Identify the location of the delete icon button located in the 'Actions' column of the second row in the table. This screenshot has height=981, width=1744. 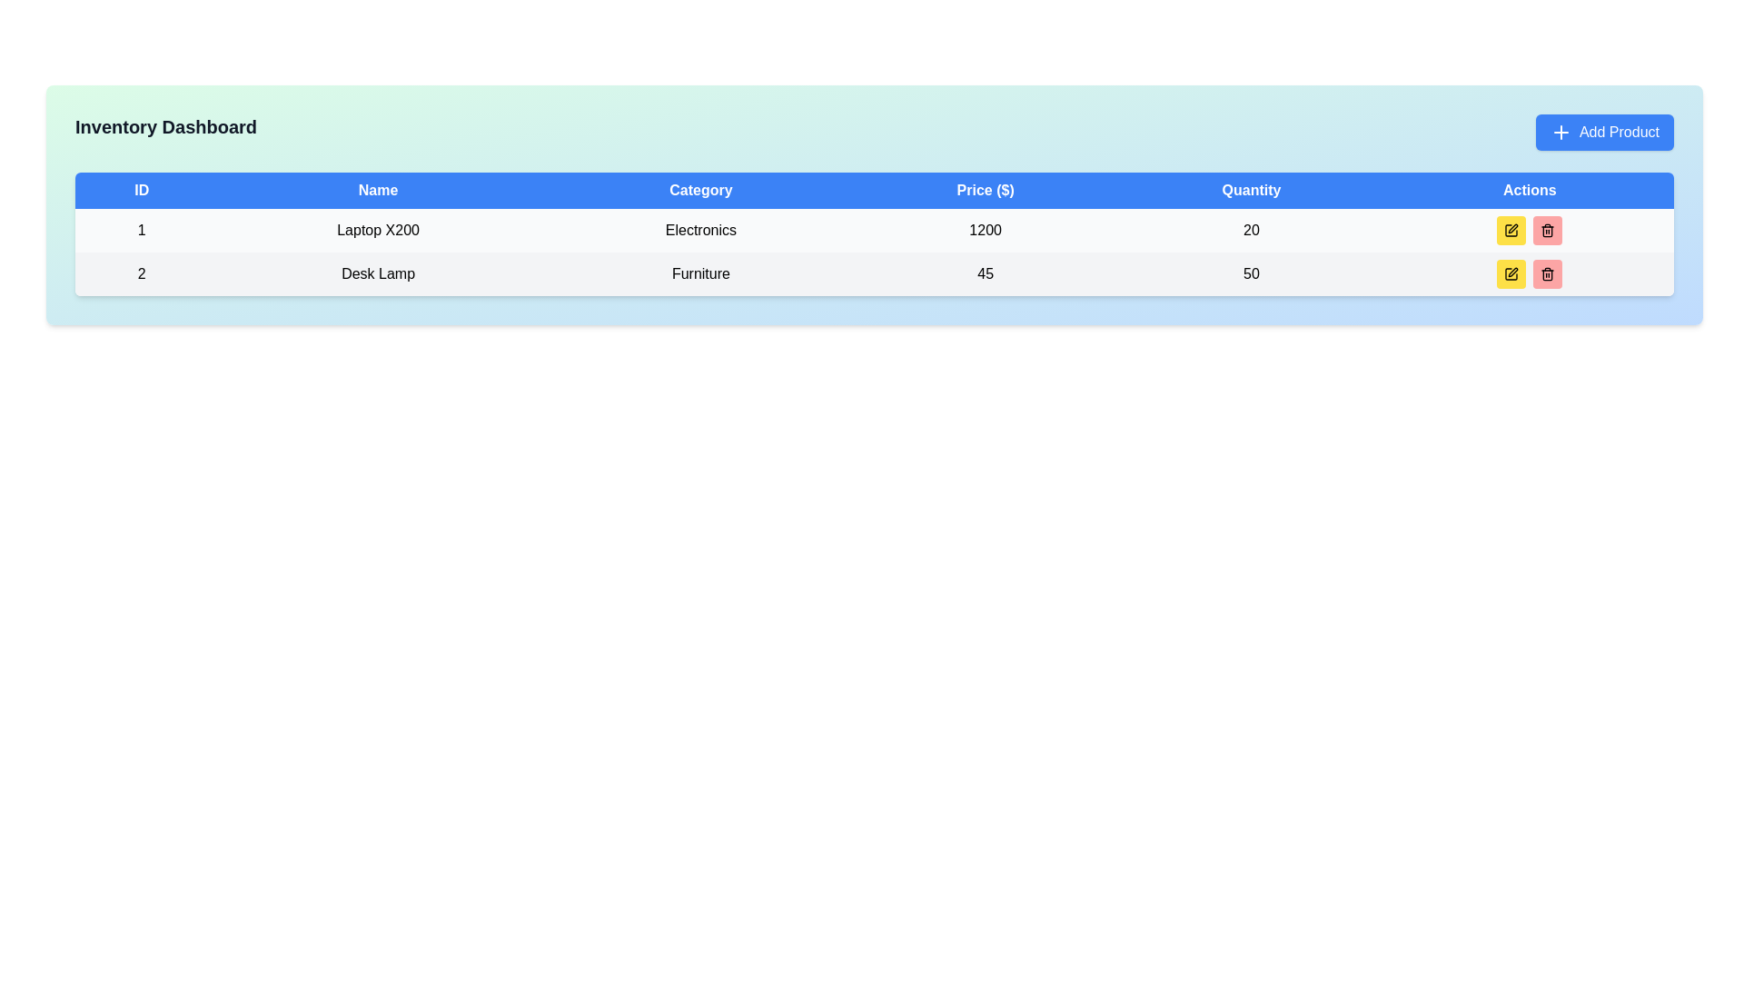
(1547, 230).